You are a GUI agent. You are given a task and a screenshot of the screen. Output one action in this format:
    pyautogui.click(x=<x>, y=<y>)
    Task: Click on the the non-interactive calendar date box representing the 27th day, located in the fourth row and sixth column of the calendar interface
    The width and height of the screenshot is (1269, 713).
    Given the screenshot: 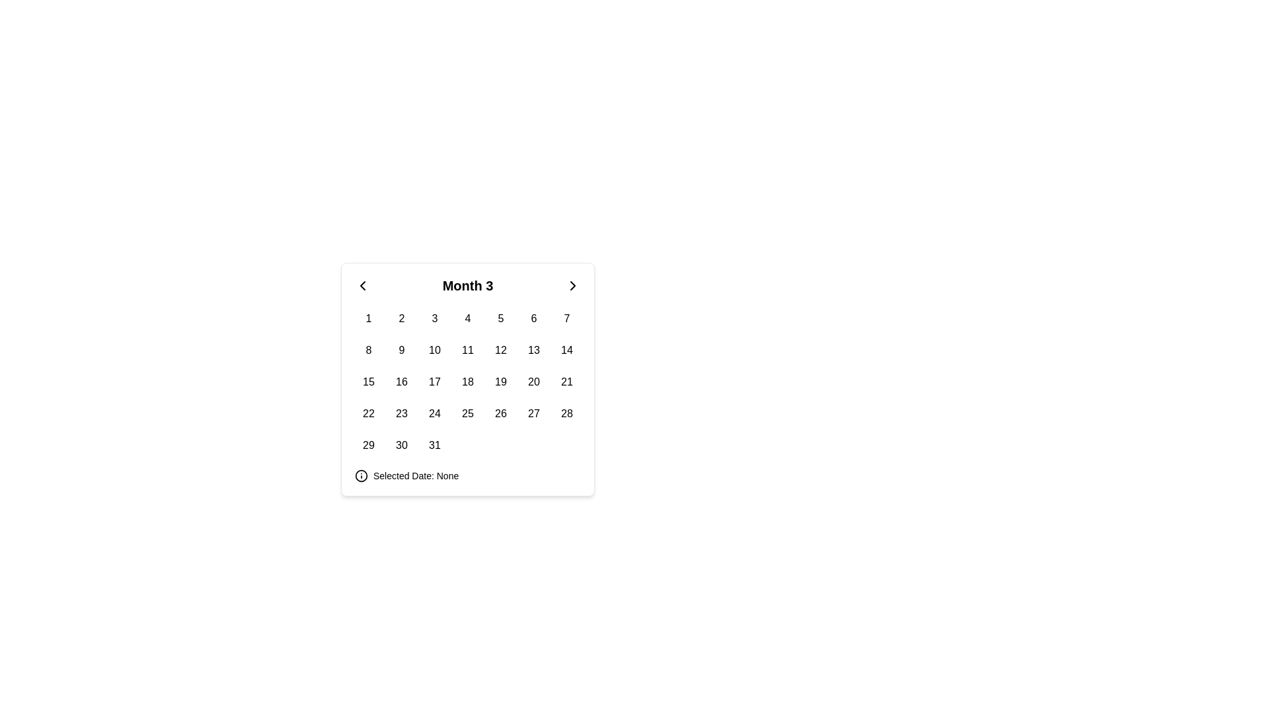 What is the action you would take?
    pyautogui.click(x=533, y=413)
    